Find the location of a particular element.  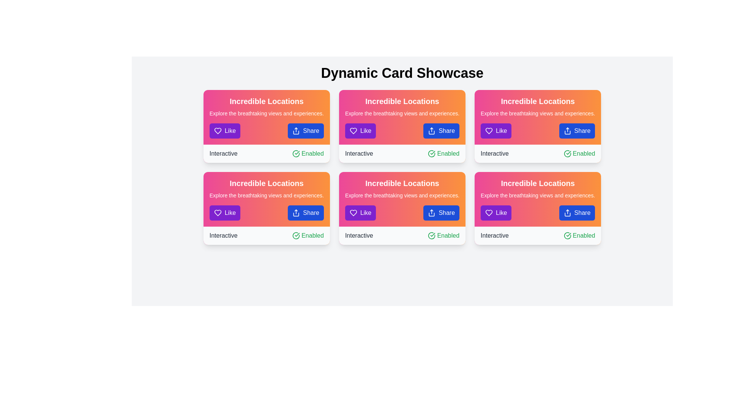

the active status indicator icon located in the 'Enabled' label area at the bottom-right of the last card in the second row of the displayed grid of cards is located at coordinates (567, 235).